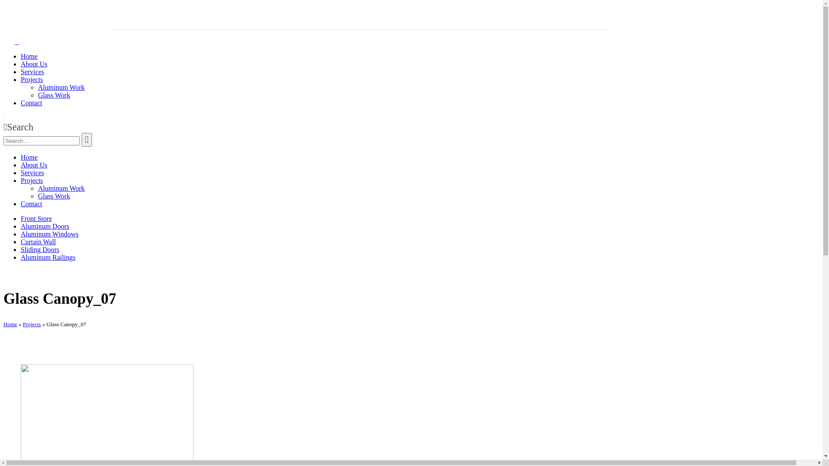 The width and height of the screenshot is (829, 466). Describe the element at coordinates (21, 173) in the screenshot. I see `'Services'` at that location.